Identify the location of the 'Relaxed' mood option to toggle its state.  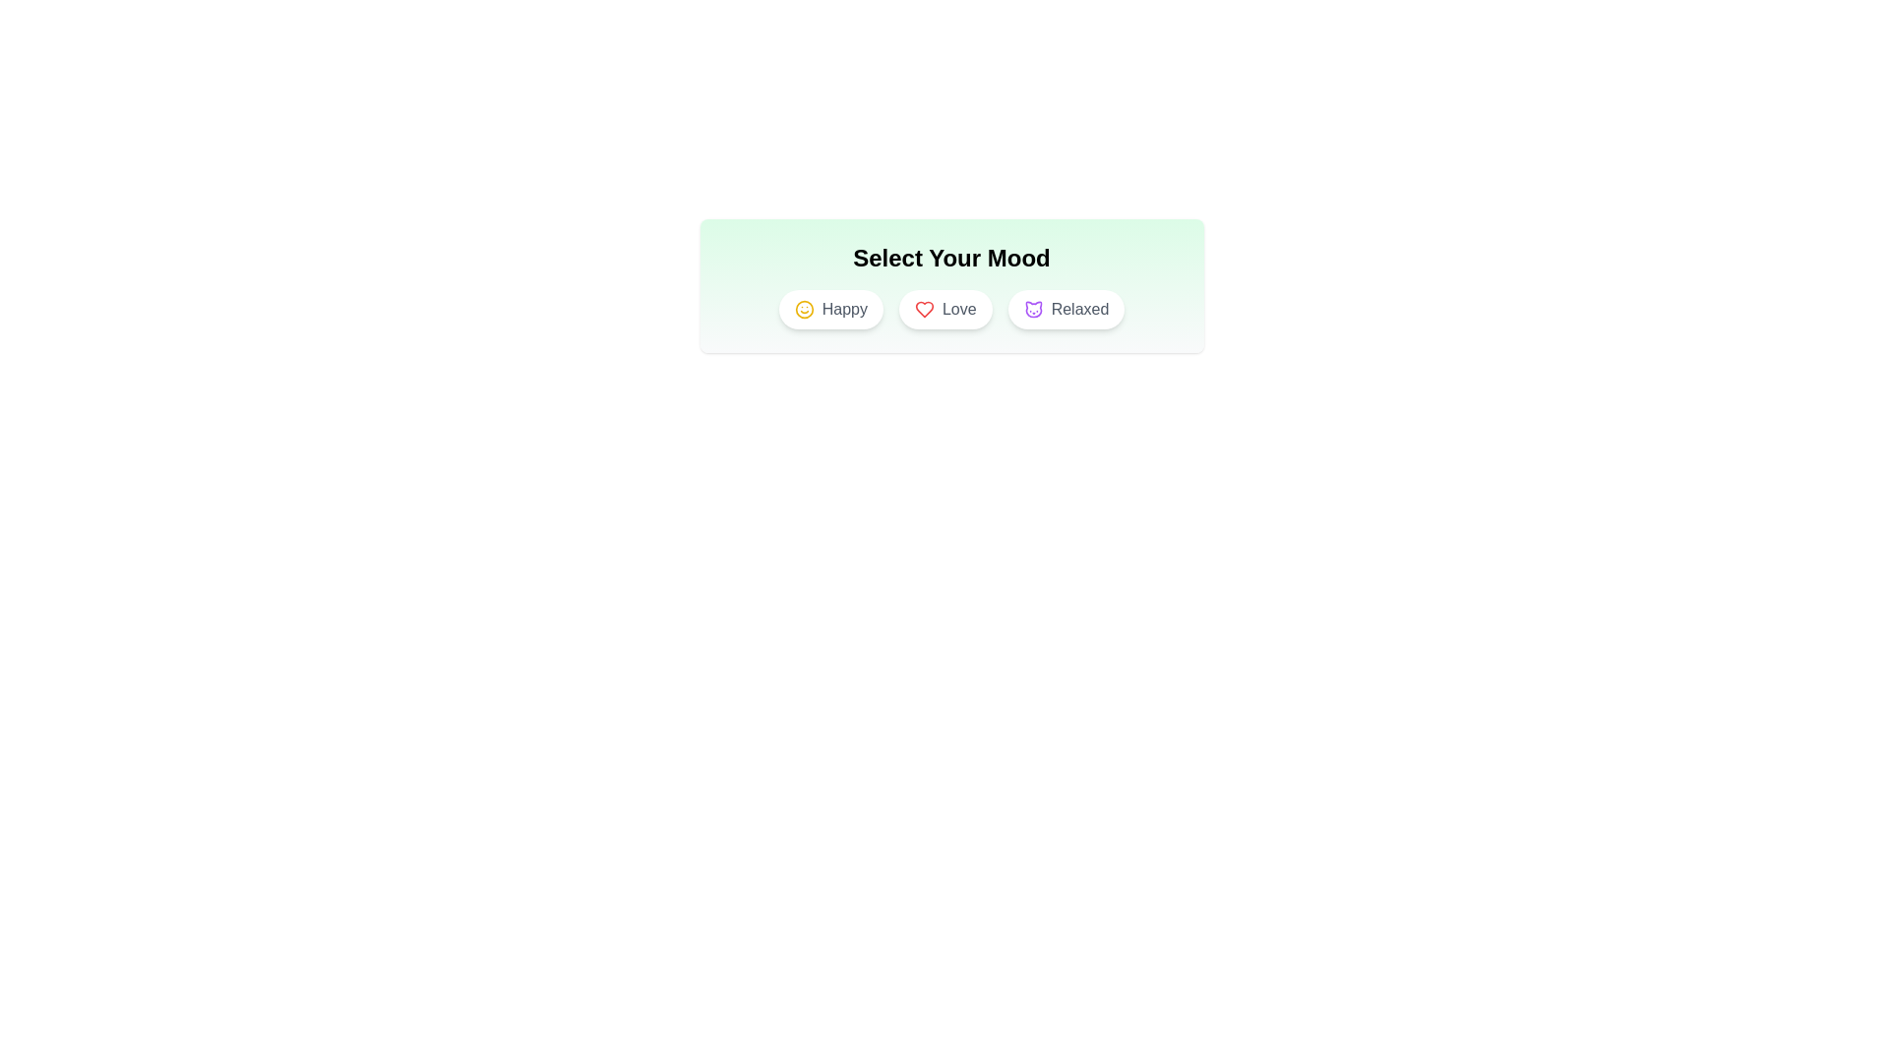
(1066, 310).